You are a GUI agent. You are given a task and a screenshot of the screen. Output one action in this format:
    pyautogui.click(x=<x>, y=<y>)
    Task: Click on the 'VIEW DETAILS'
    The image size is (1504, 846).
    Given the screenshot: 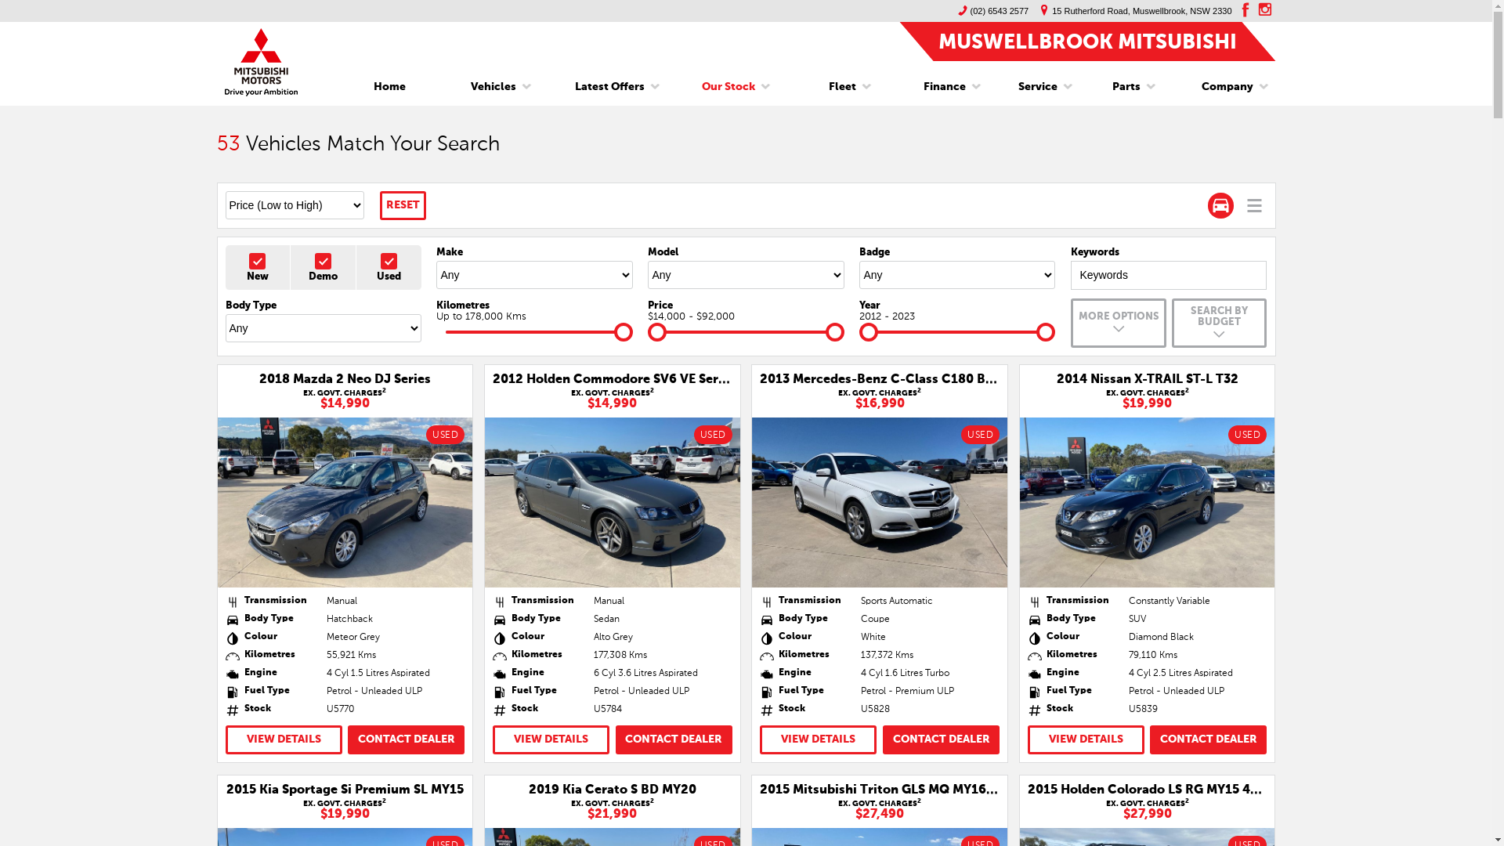 What is the action you would take?
    pyautogui.click(x=284, y=739)
    